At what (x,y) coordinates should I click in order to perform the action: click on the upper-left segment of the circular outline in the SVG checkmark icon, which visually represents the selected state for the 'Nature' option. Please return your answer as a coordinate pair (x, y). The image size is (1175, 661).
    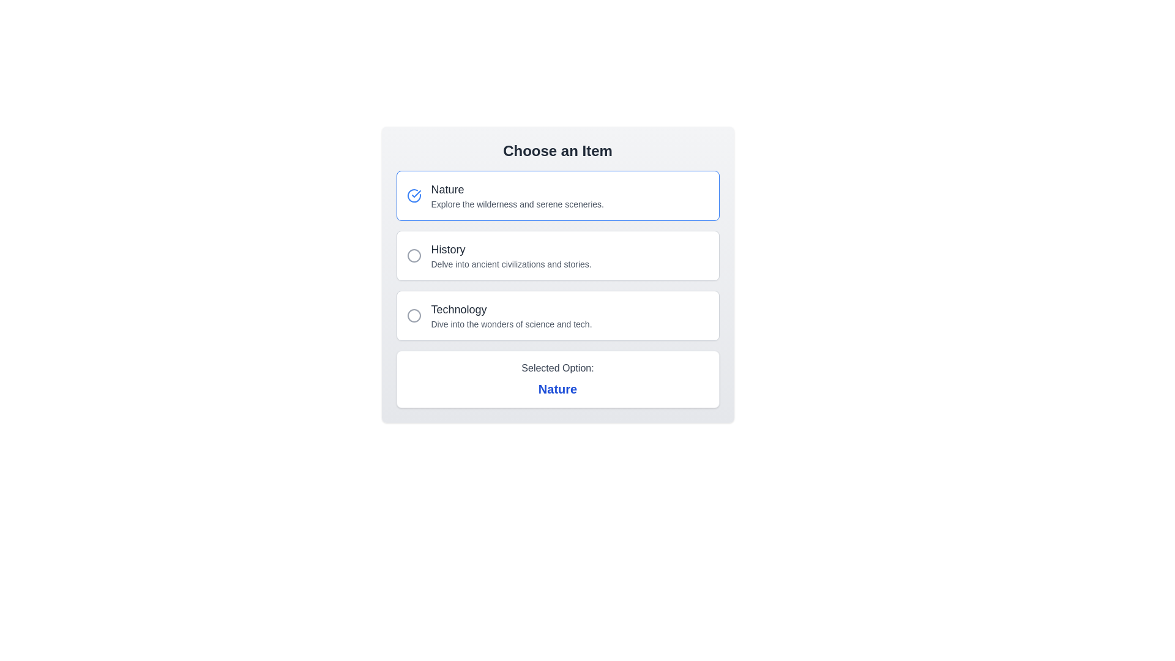
    Looking at the image, I should click on (414, 195).